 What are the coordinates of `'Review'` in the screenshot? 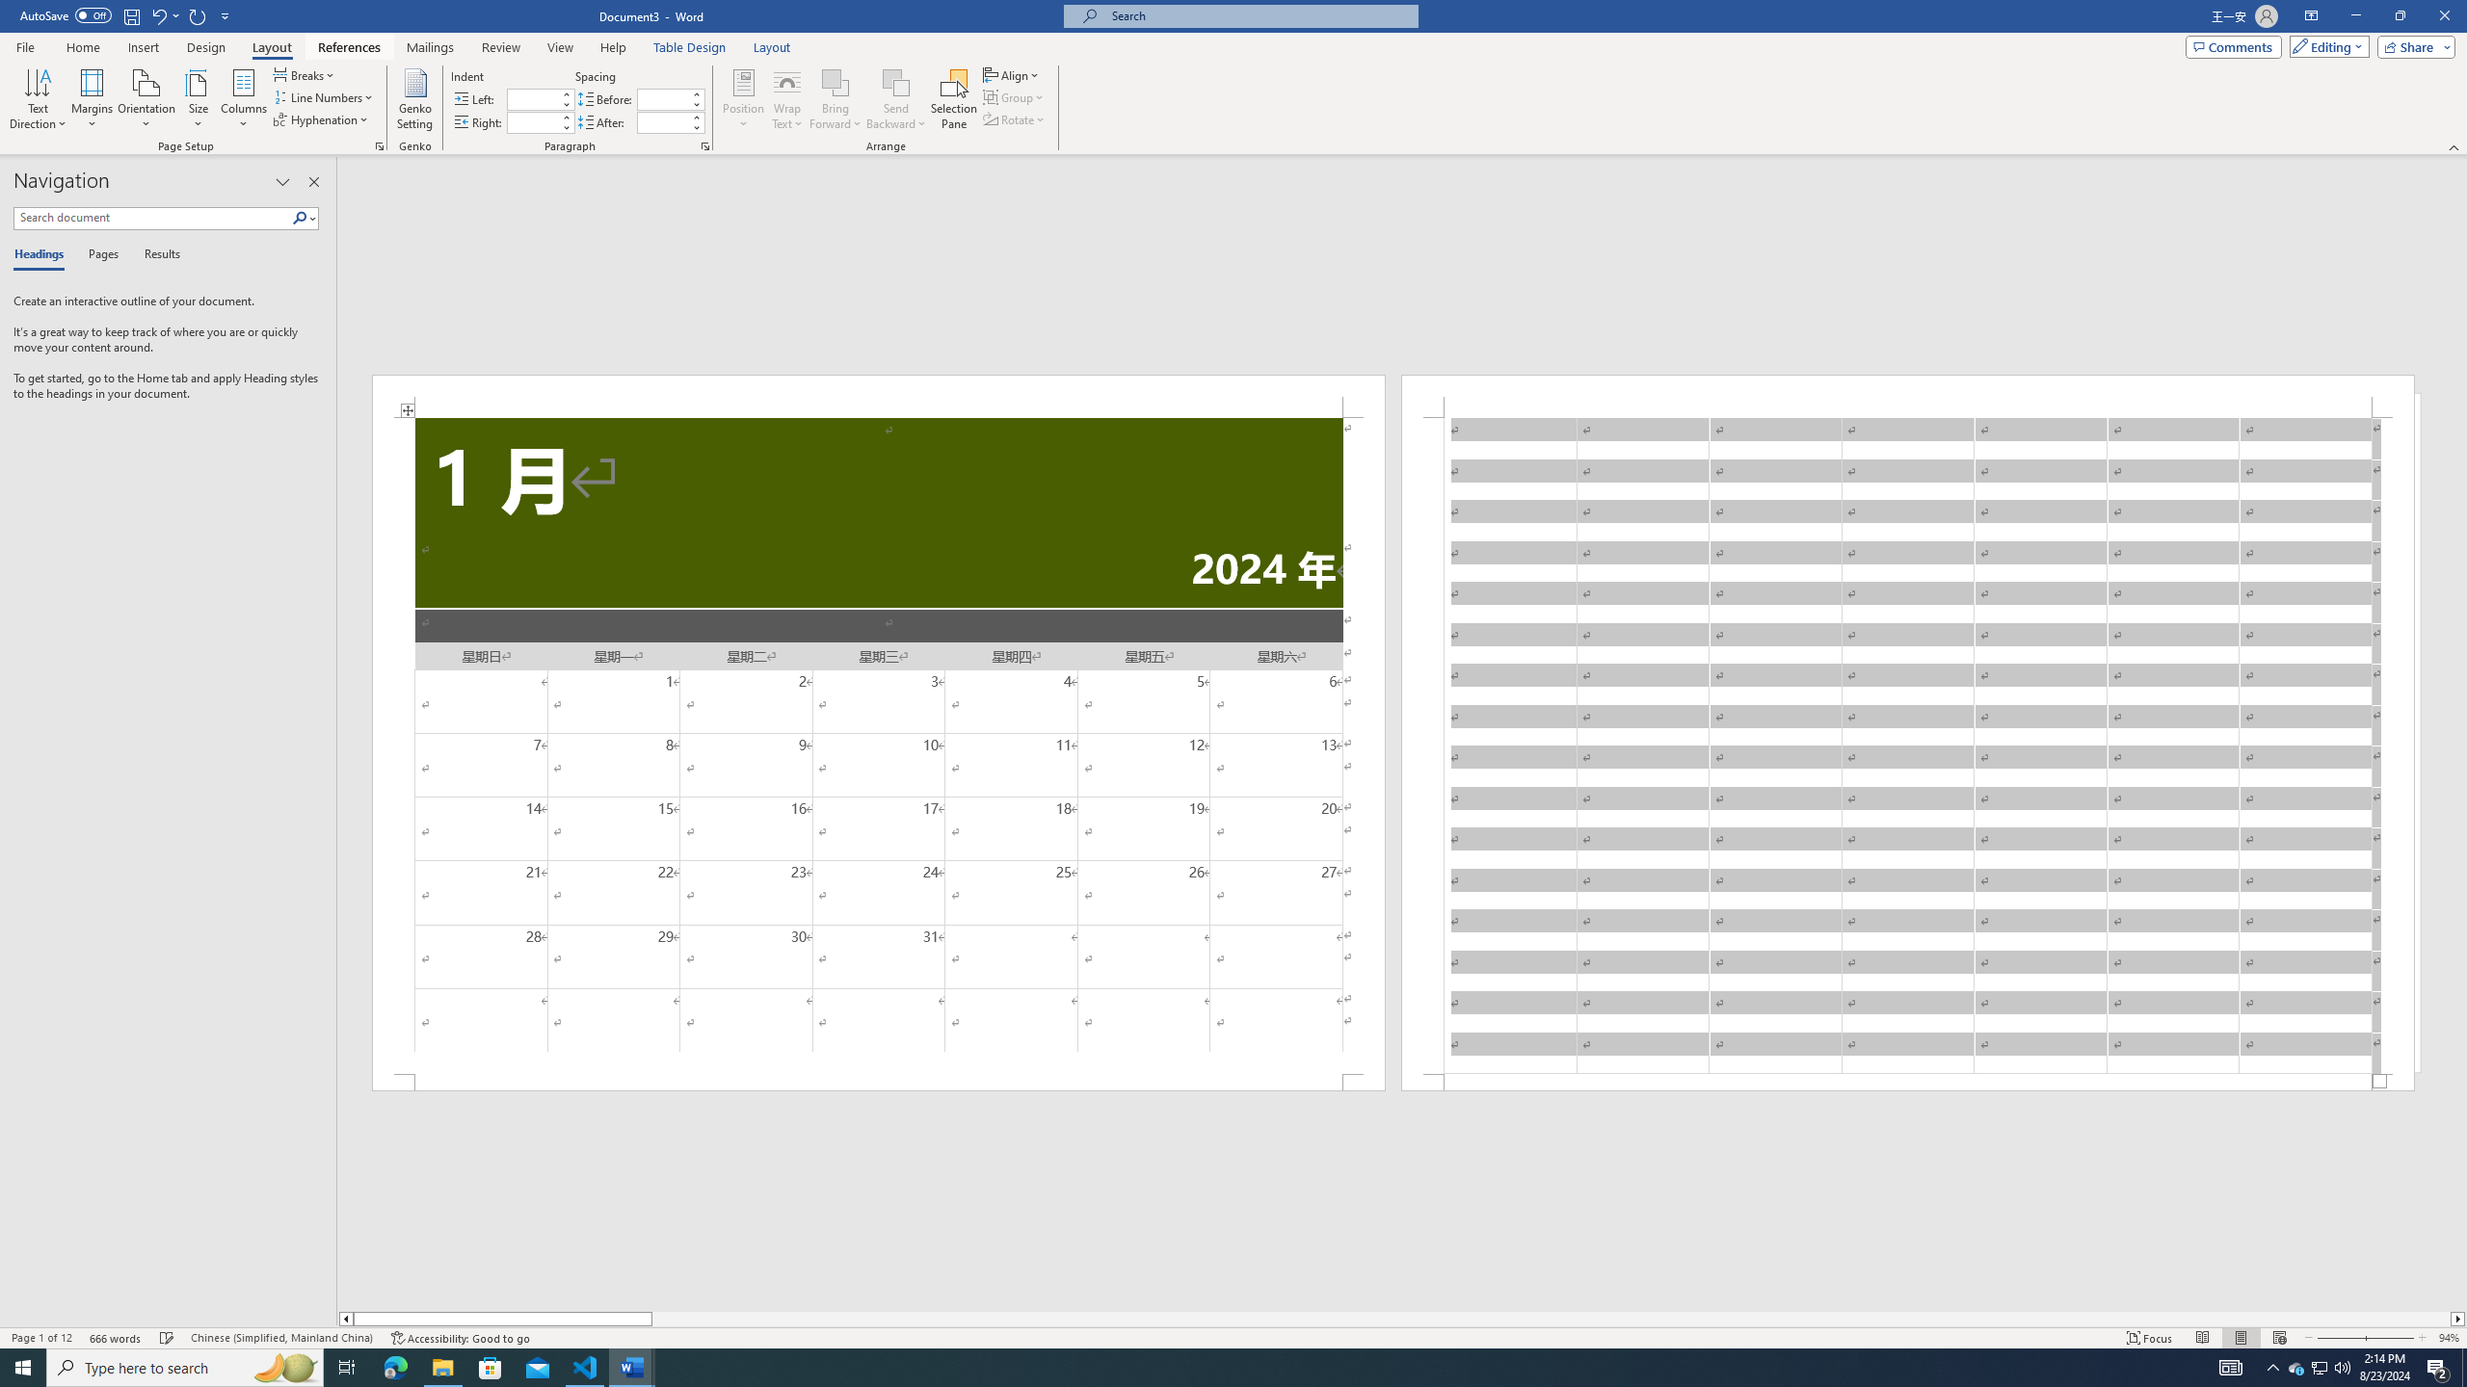 It's located at (499, 47).